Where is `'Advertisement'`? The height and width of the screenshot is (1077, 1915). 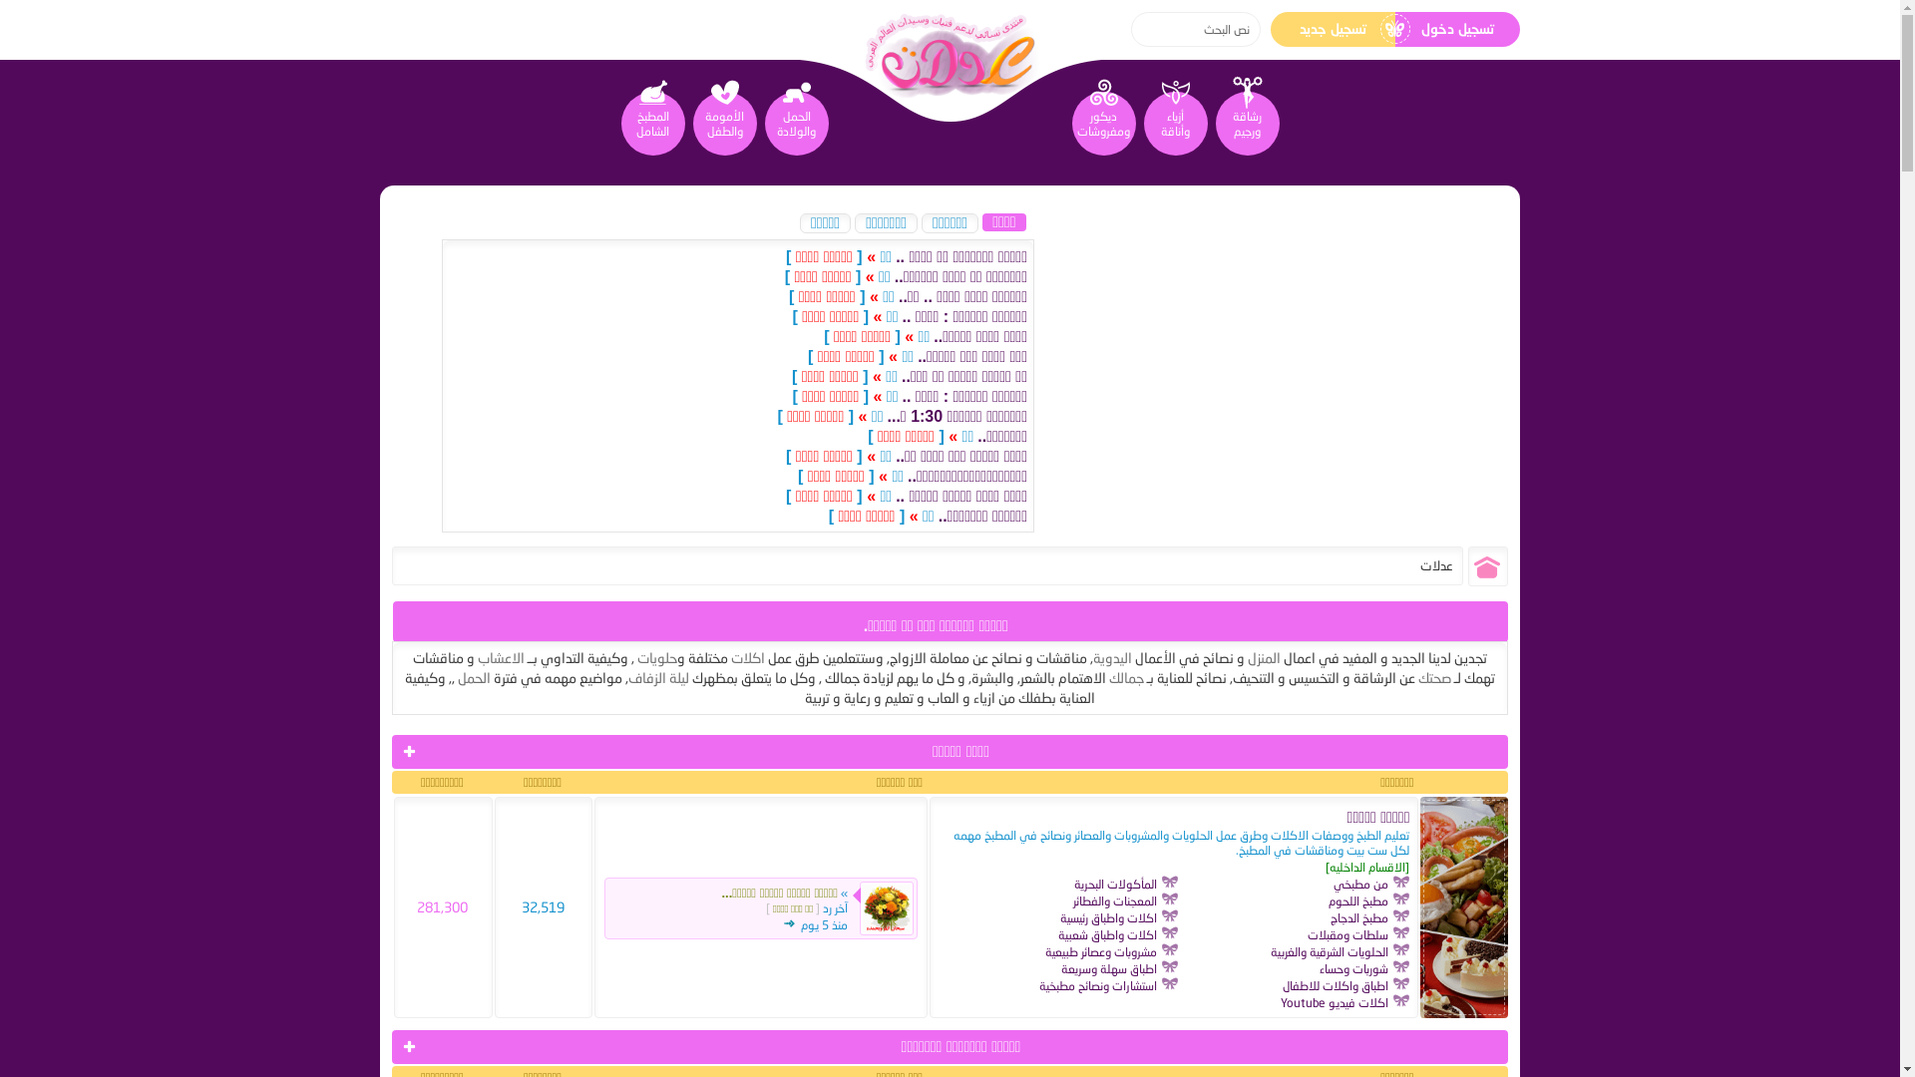 'Advertisement' is located at coordinates (1219, 380).